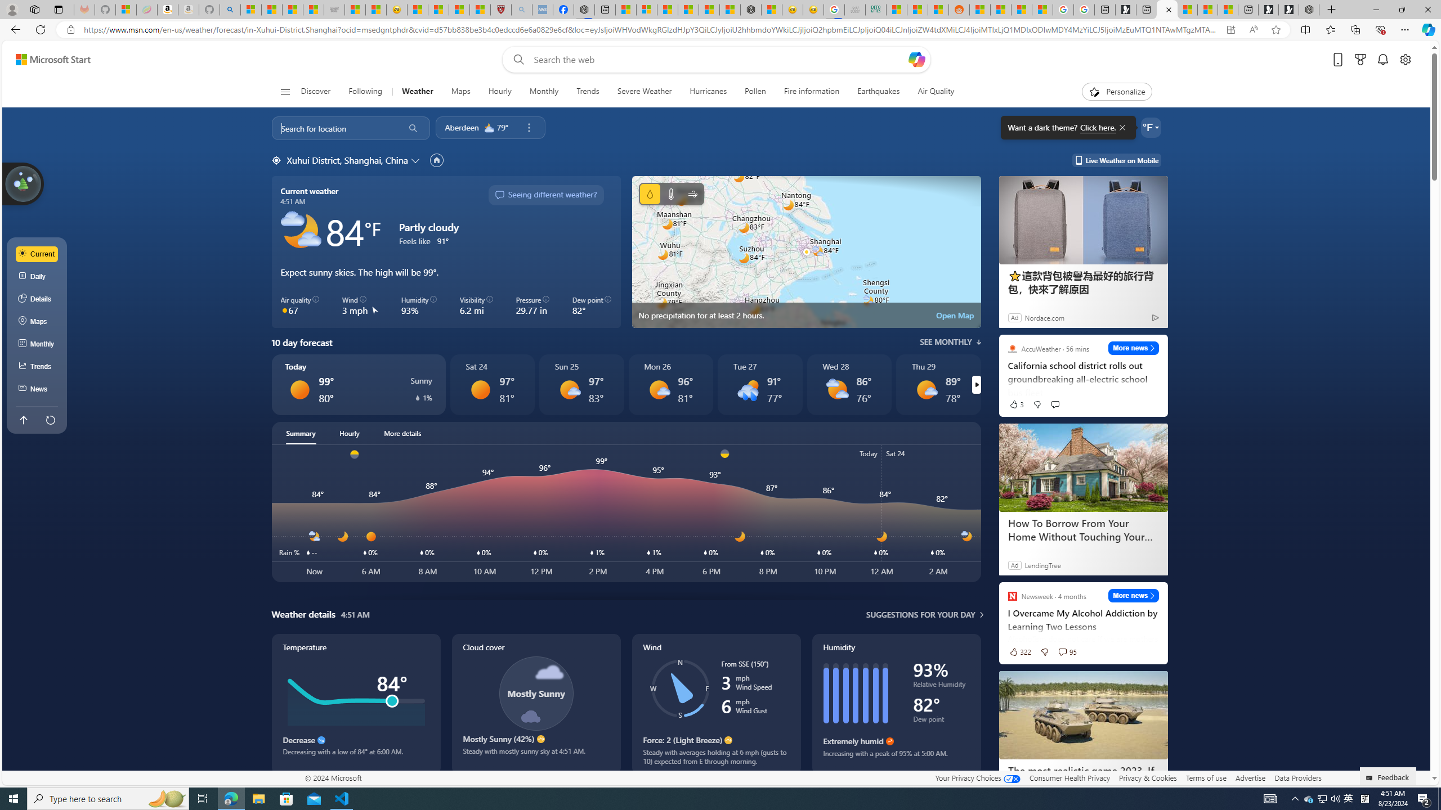 The height and width of the screenshot is (810, 1441). I want to click on 'Discover', so click(320, 91).